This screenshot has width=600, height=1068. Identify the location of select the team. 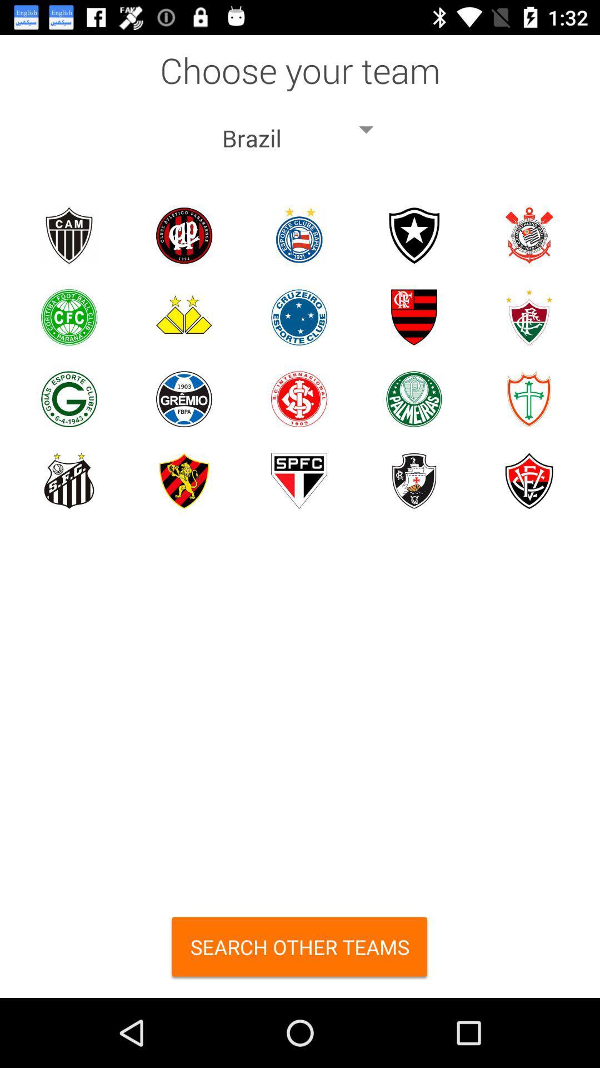
(414, 481).